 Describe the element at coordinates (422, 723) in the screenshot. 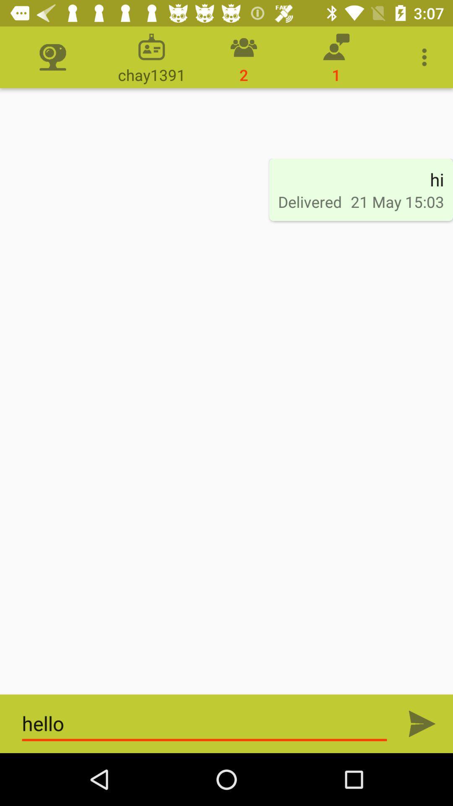

I see `send message` at that location.